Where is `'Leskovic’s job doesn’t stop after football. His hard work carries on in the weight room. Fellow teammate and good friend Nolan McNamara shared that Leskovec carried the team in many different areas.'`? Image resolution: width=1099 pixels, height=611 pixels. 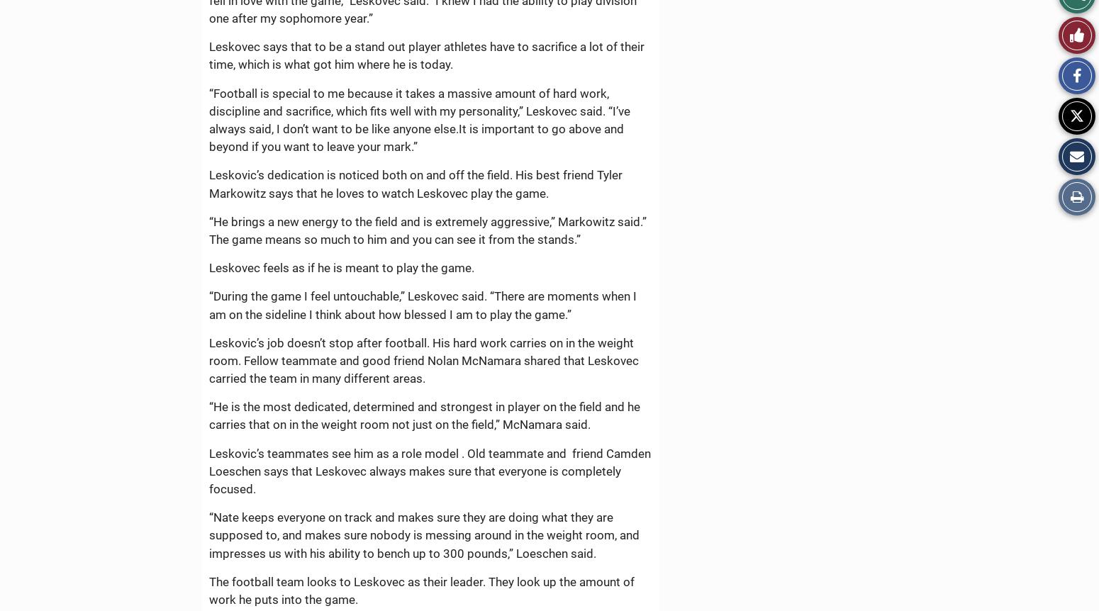 'Leskovic’s job doesn’t stop after football. His hard work carries on in the weight room. Fellow teammate and good friend Nolan McNamara shared that Leskovec carried the team in many different areas.' is located at coordinates (423, 359).